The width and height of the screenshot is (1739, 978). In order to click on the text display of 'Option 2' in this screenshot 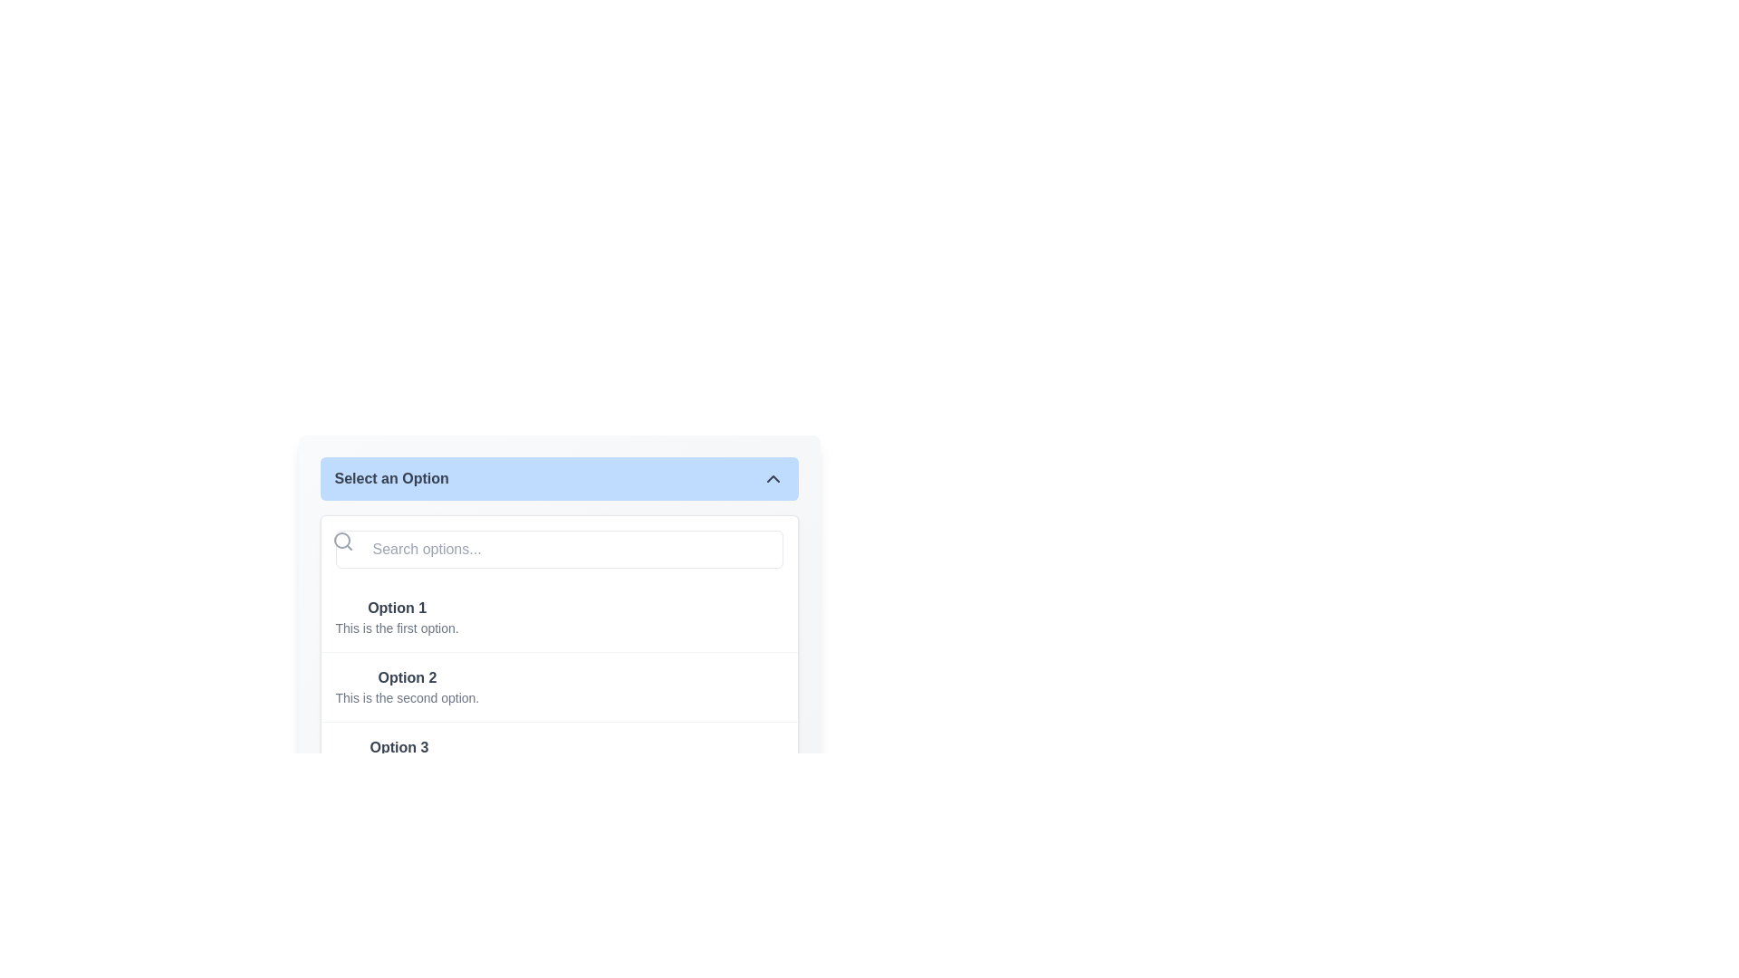, I will do `click(406, 687)`.